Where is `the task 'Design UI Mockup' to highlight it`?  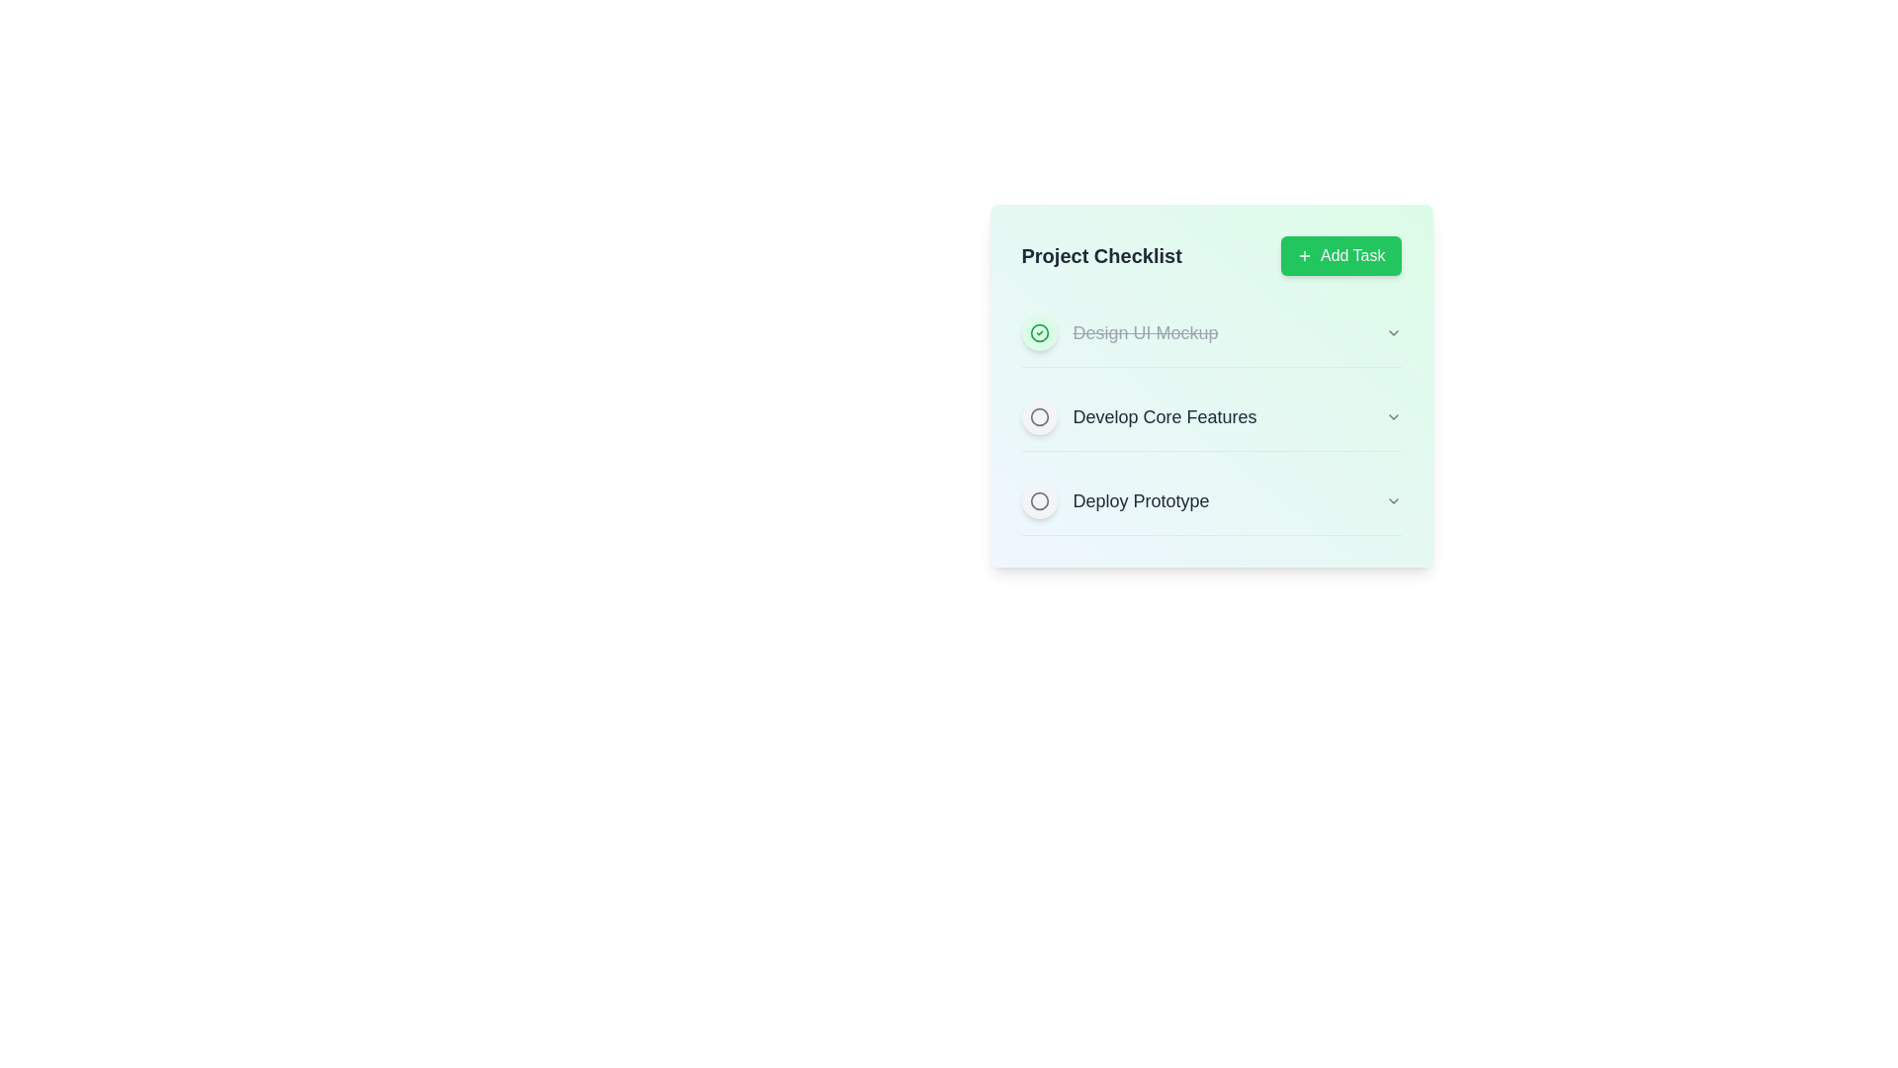
the task 'Design UI Mockup' to highlight it is located at coordinates (1210, 332).